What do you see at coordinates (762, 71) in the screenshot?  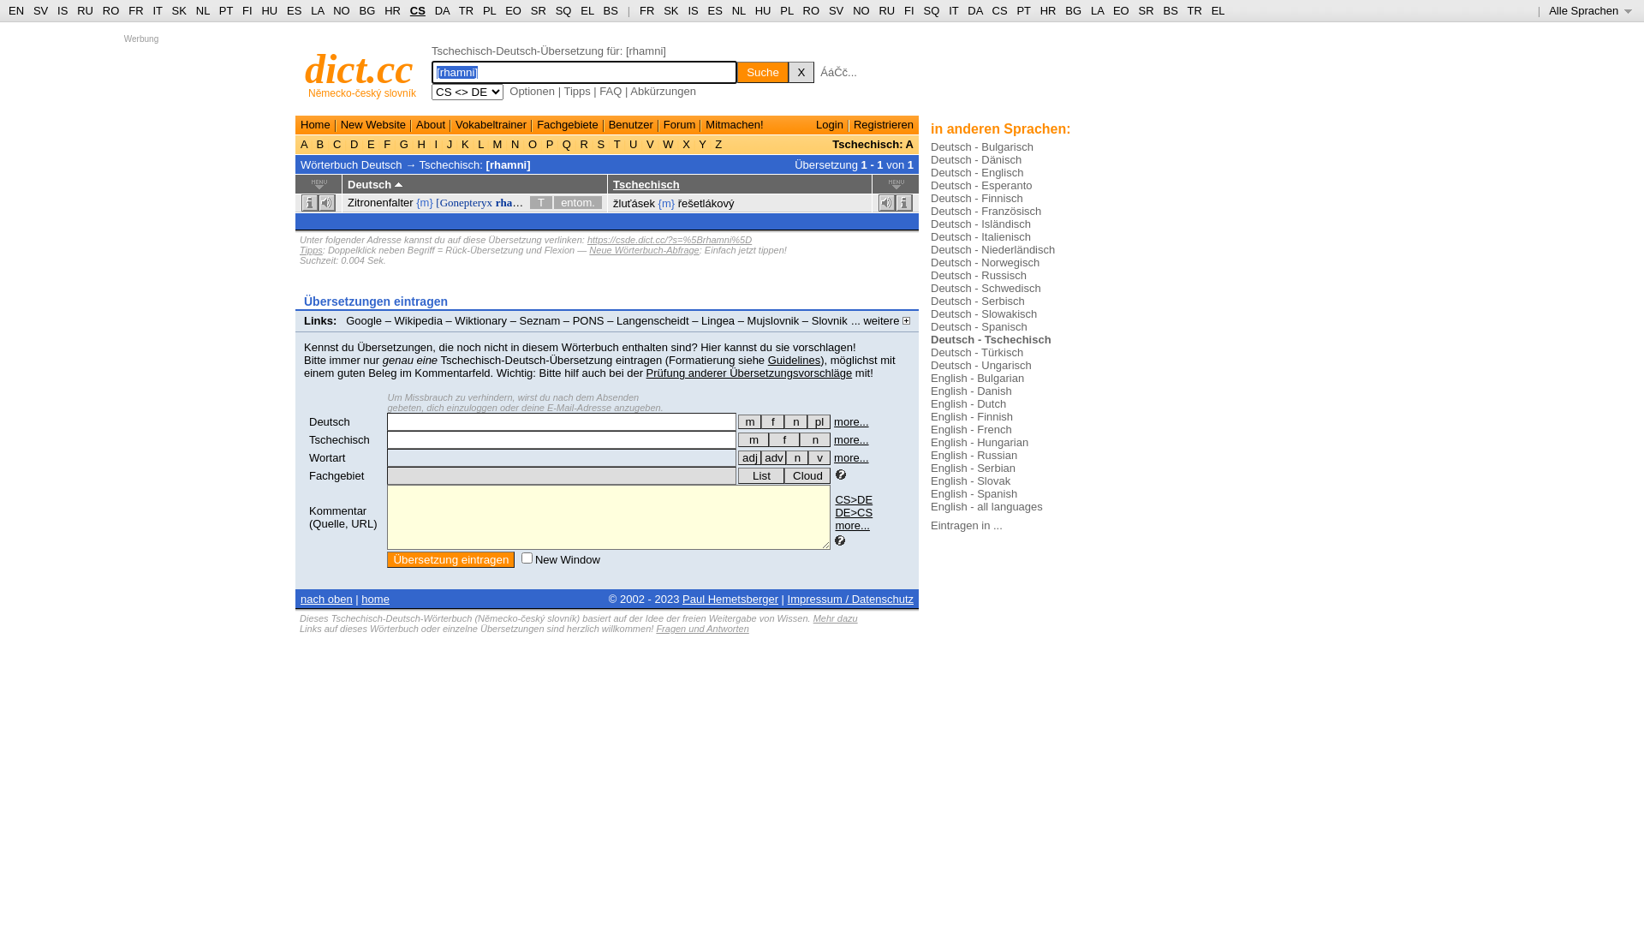 I see `'Suche'` at bounding box center [762, 71].